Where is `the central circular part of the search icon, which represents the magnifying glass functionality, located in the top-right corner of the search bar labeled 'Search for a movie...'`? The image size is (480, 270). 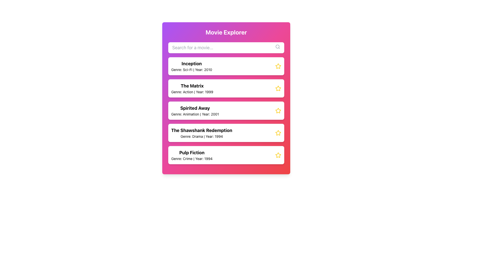 the central circular part of the search icon, which represents the magnifying glass functionality, located in the top-right corner of the search bar labeled 'Search for a movie...' is located at coordinates (277, 46).